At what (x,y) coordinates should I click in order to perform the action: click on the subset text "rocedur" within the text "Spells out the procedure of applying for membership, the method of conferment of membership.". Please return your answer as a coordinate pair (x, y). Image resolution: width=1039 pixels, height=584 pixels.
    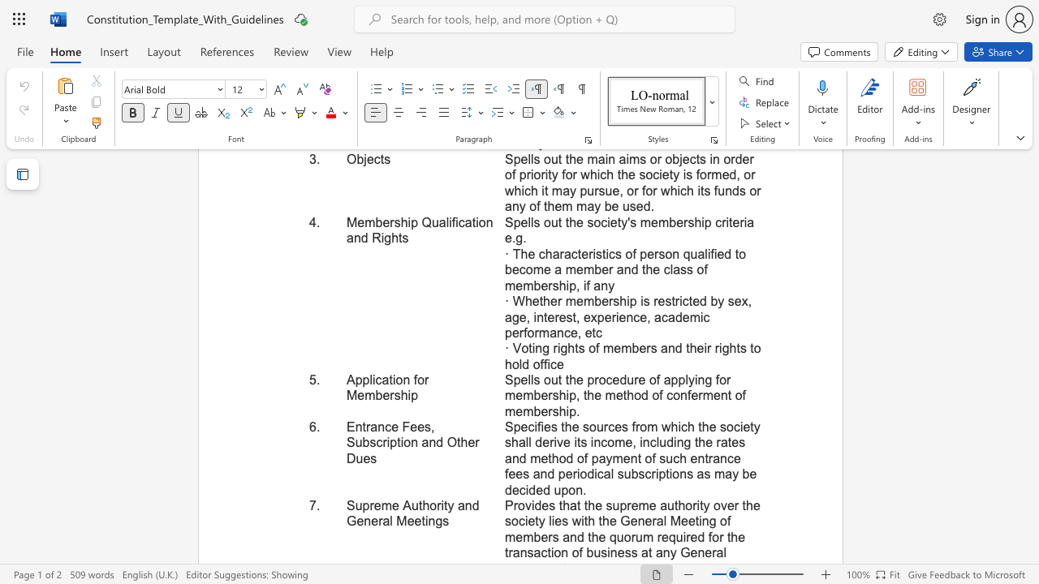
    Looking at the image, I should click on (593, 380).